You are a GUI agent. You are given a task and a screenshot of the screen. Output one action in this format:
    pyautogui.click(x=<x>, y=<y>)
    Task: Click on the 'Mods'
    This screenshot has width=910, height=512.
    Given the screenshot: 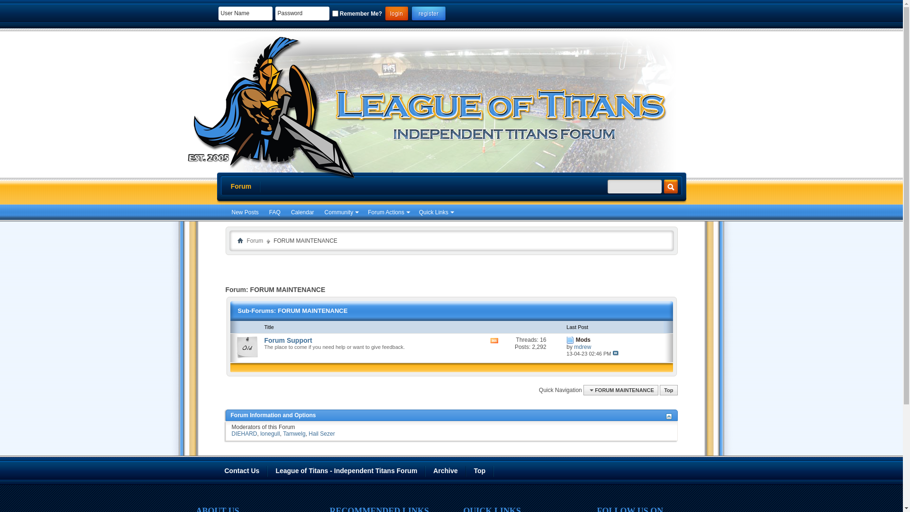 What is the action you would take?
    pyautogui.click(x=582, y=339)
    